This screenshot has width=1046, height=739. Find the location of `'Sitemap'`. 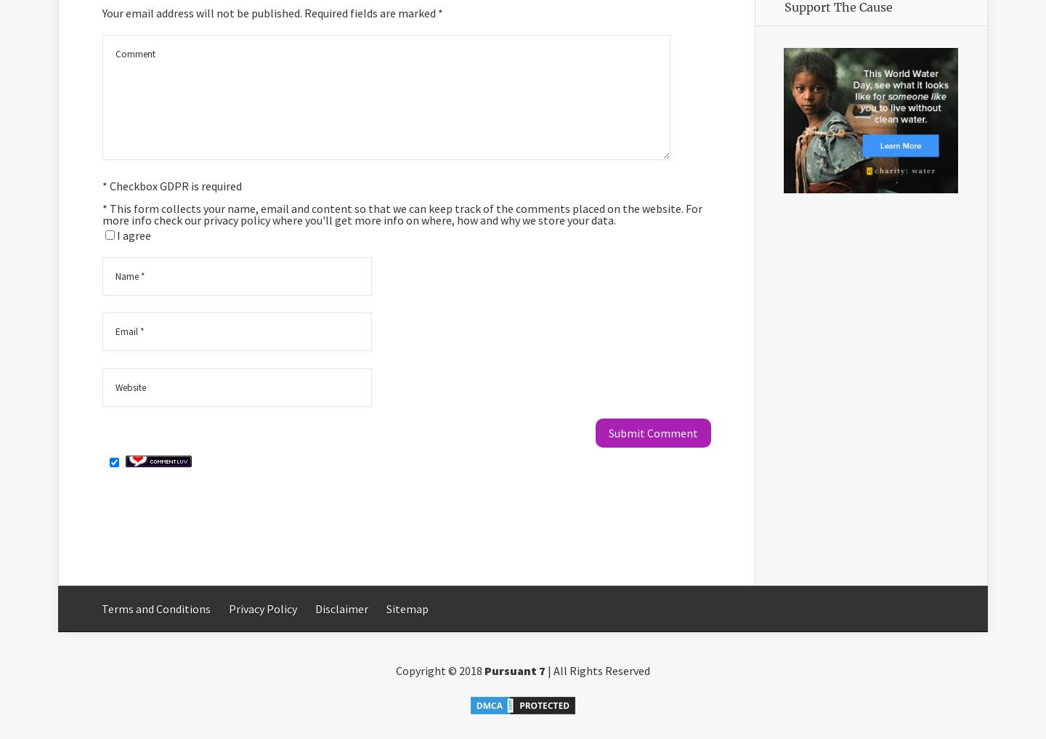

'Sitemap' is located at coordinates (408, 608).